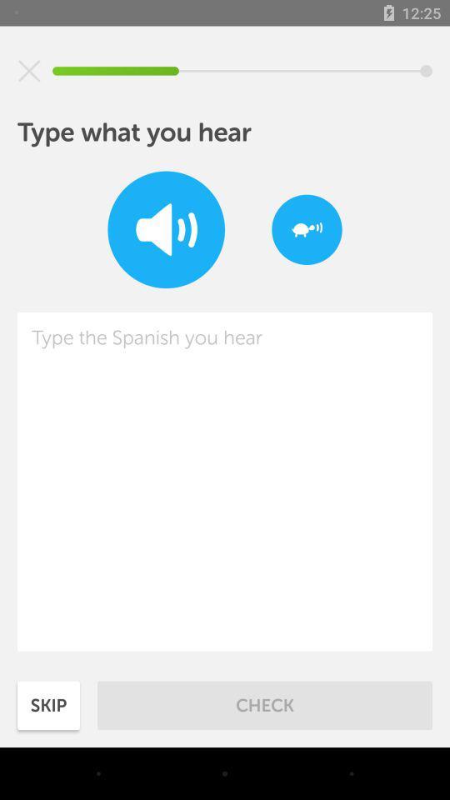  What do you see at coordinates (48, 704) in the screenshot?
I see `icon at the bottom left corner` at bounding box center [48, 704].